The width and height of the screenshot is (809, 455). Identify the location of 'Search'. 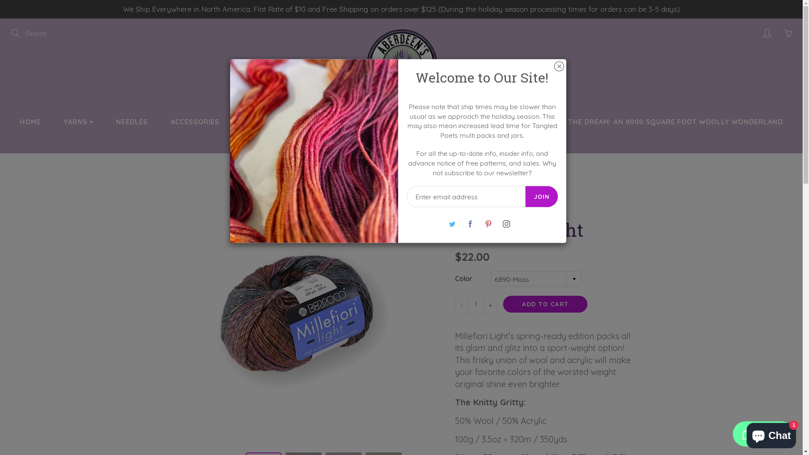
(16, 32).